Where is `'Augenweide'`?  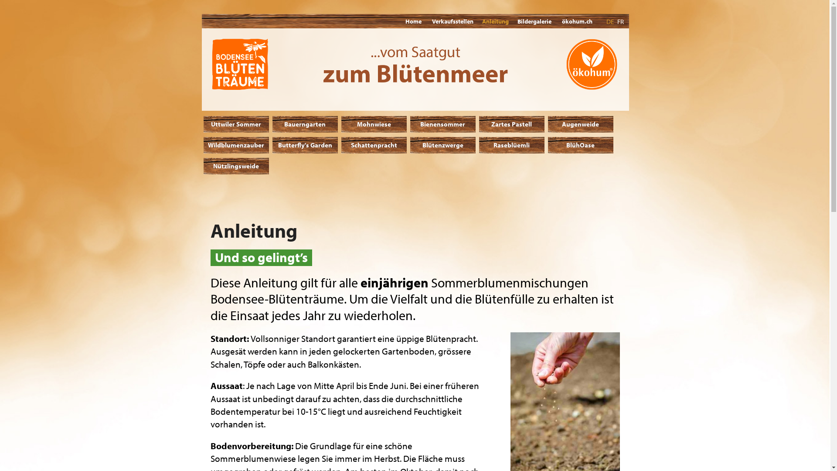
'Augenweide' is located at coordinates (547, 124).